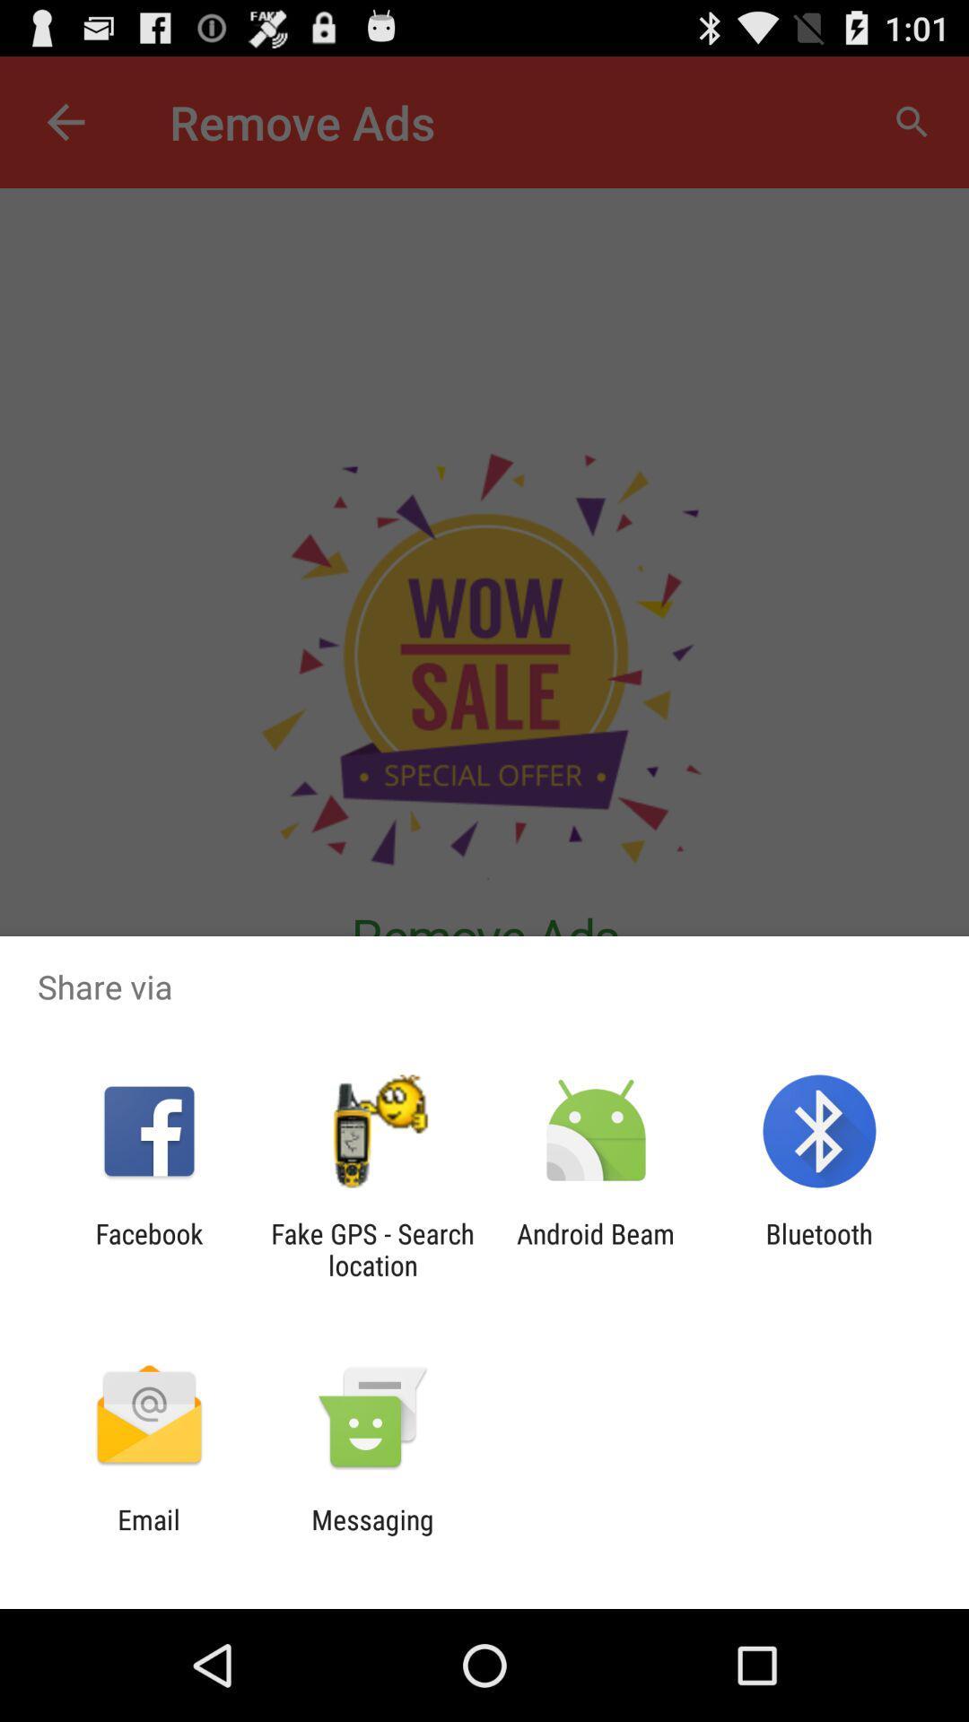  I want to click on android beam item, so click(596, 1248).